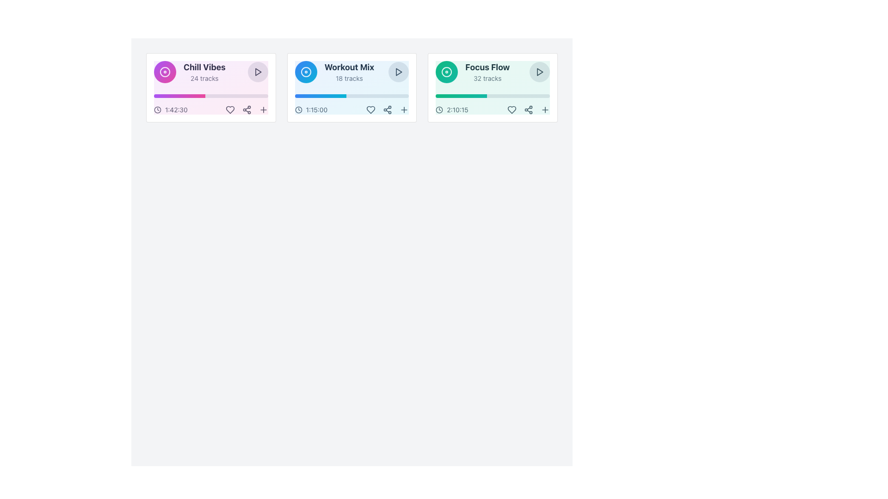 The width and height of the screenshot is (888, 499). What do you see at coordinates (204, 71) in the screenshot?
I see `the 'Chill Vibes' label with supporting text, which features bold text styled in dark gray and is located in the upper center area of the first playlist card` at bounding box center [204, 71].